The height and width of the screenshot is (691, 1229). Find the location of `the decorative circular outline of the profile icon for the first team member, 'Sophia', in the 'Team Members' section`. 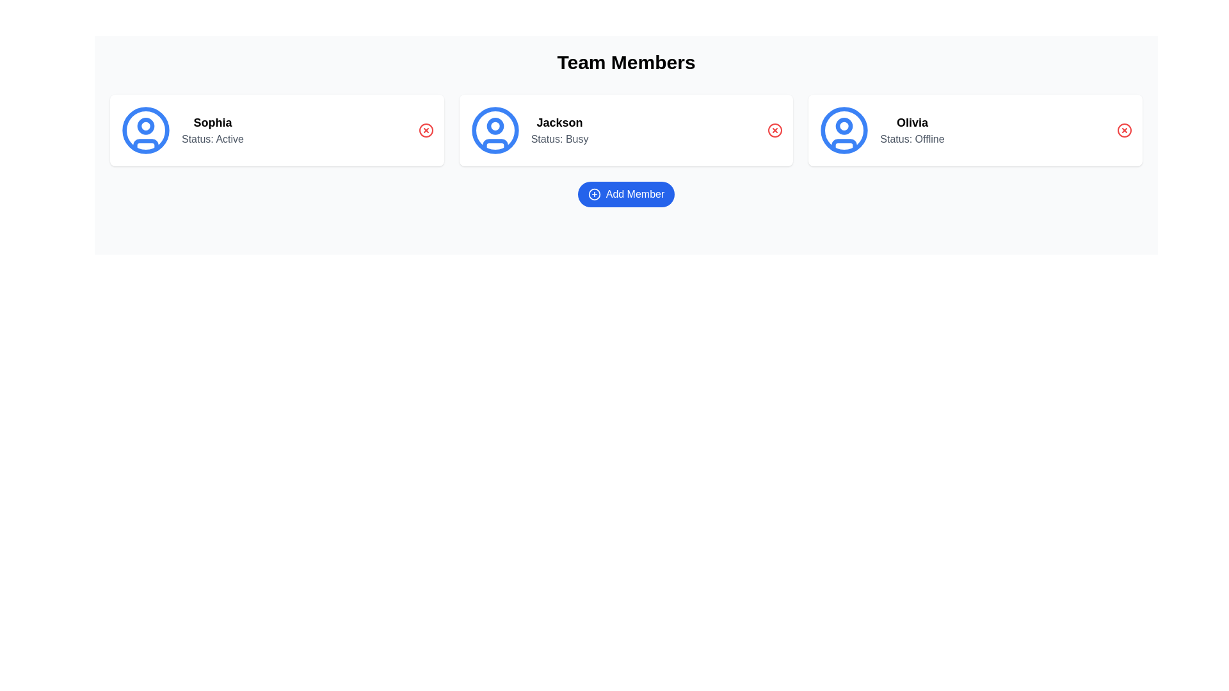

the decorative circular outline of the profile icon for the first team member, 'Sophia', in the 'Team Members' section is located at coordinates (145, 131).